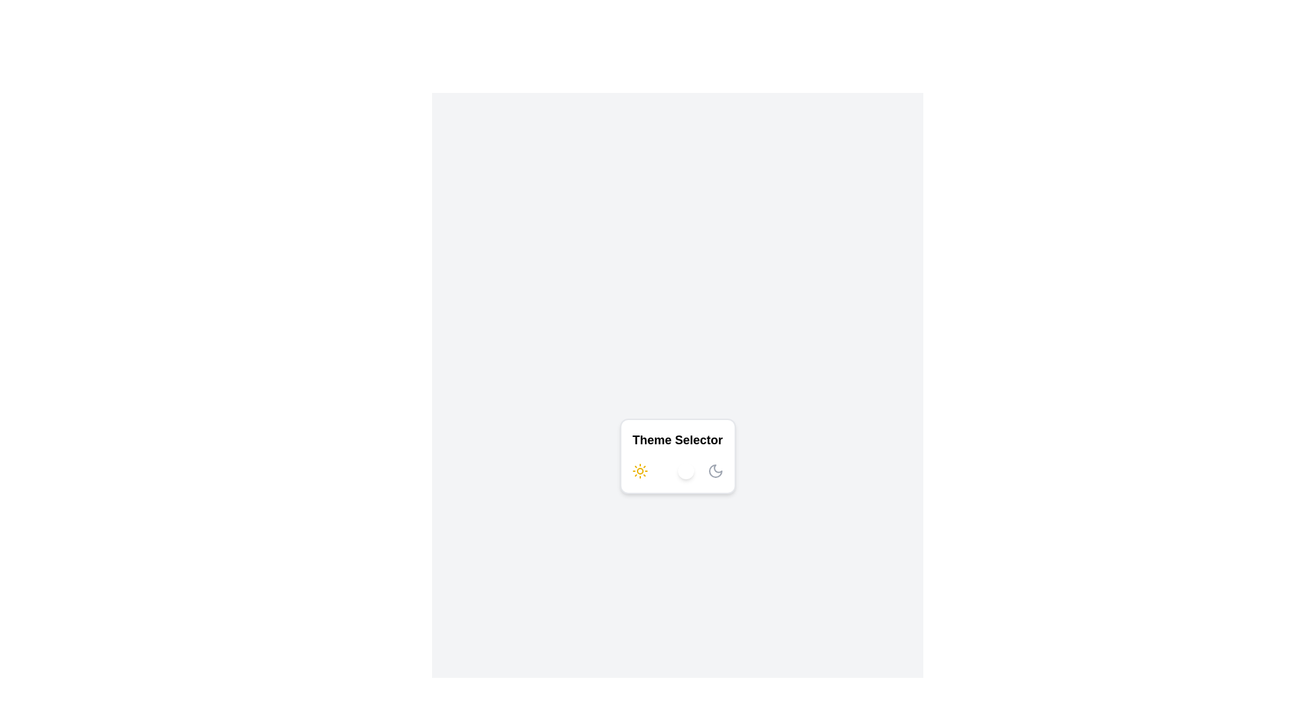 This screenshot has height=727, width=1294. I want to click on the toggle button to toggle the switch, so click(677, 470).